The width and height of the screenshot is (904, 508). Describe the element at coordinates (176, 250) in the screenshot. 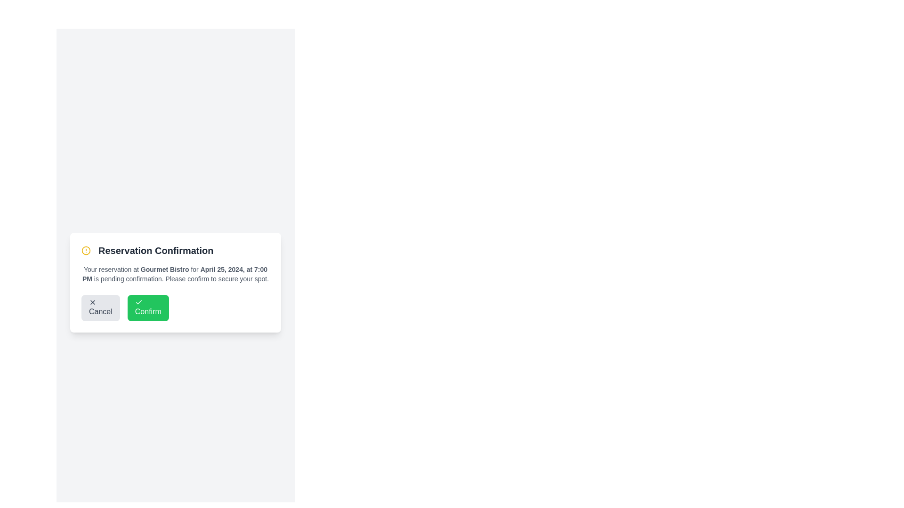

I see `text 'Reservation Confirmation' from the Header element located at the top of the modal box, which includes an icon to its left` at that location.